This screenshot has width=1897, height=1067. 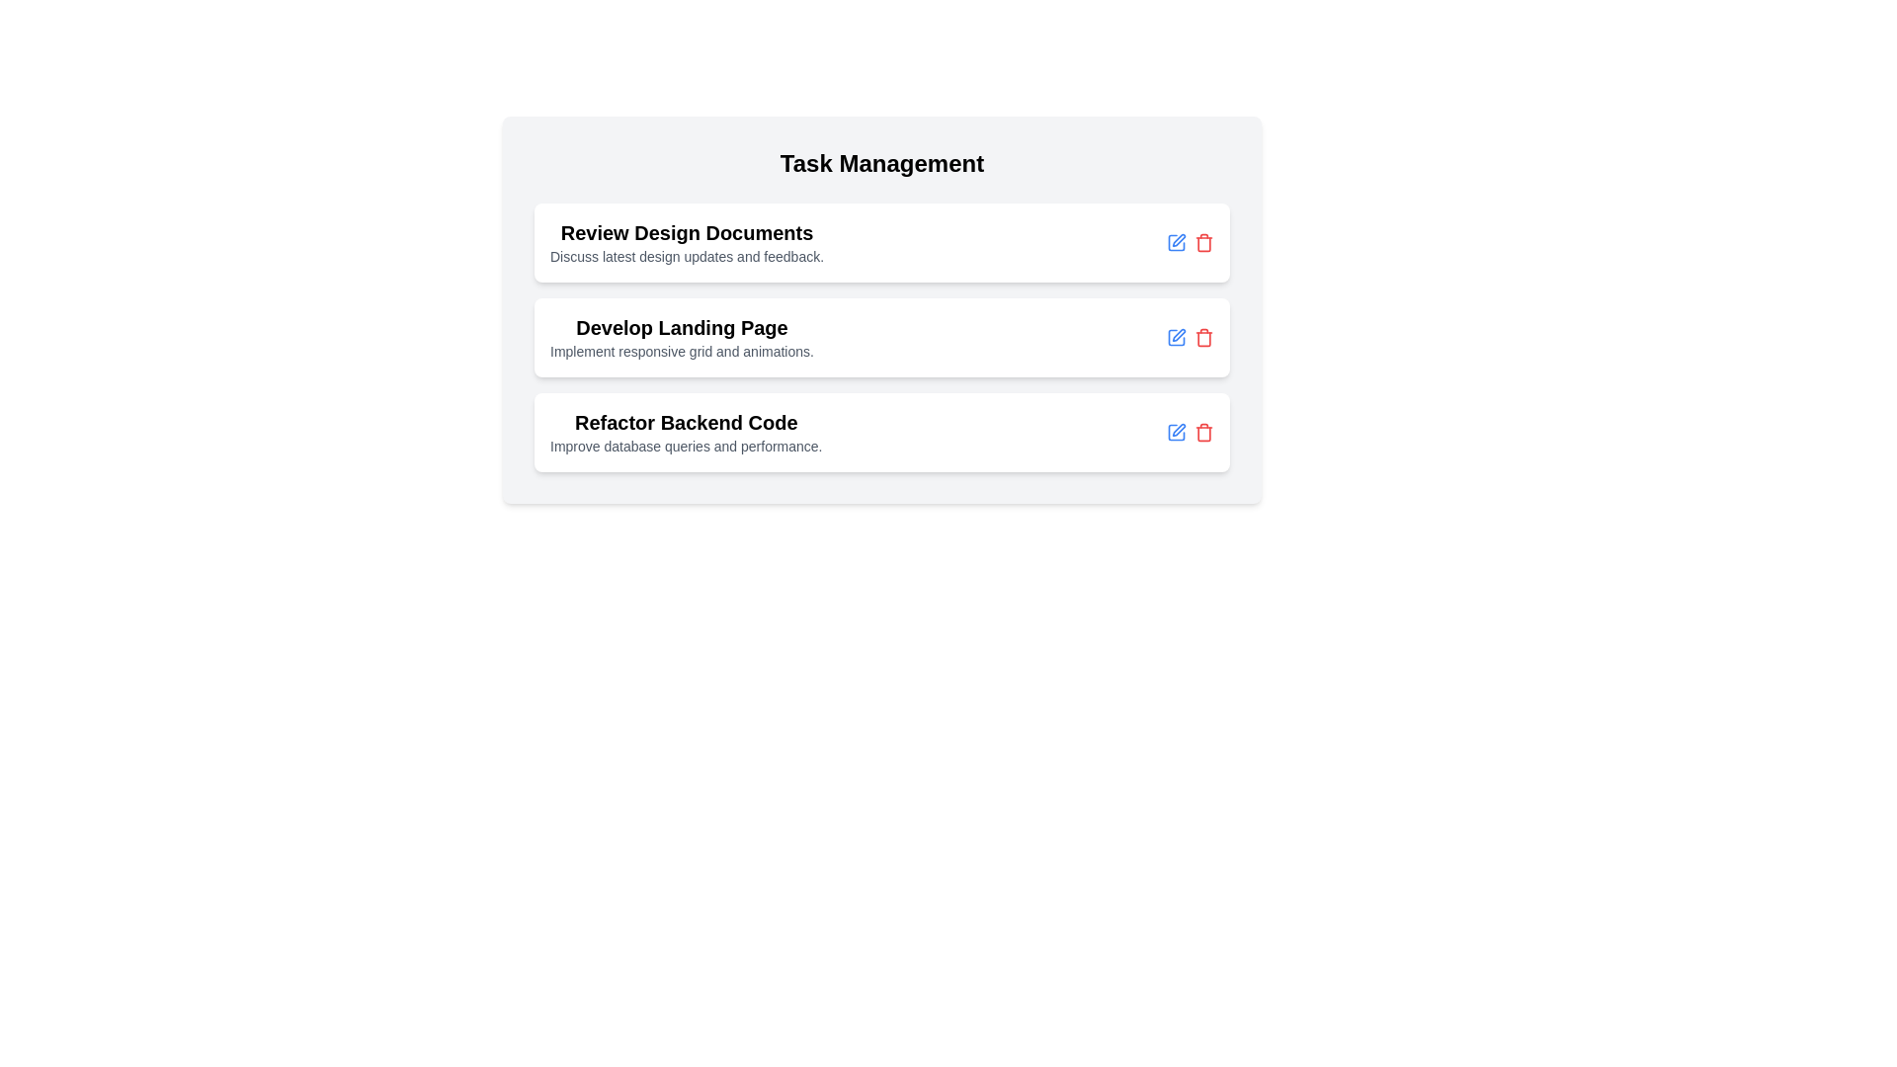 What do you see at coordinates (687, 255) in the screenshot?
I see `the text label displaying 'Discuss latest design updates and feedback.' located below the title 'Review Design Documents' in the 'Task Management' interface` at bounding box center [687, 255].